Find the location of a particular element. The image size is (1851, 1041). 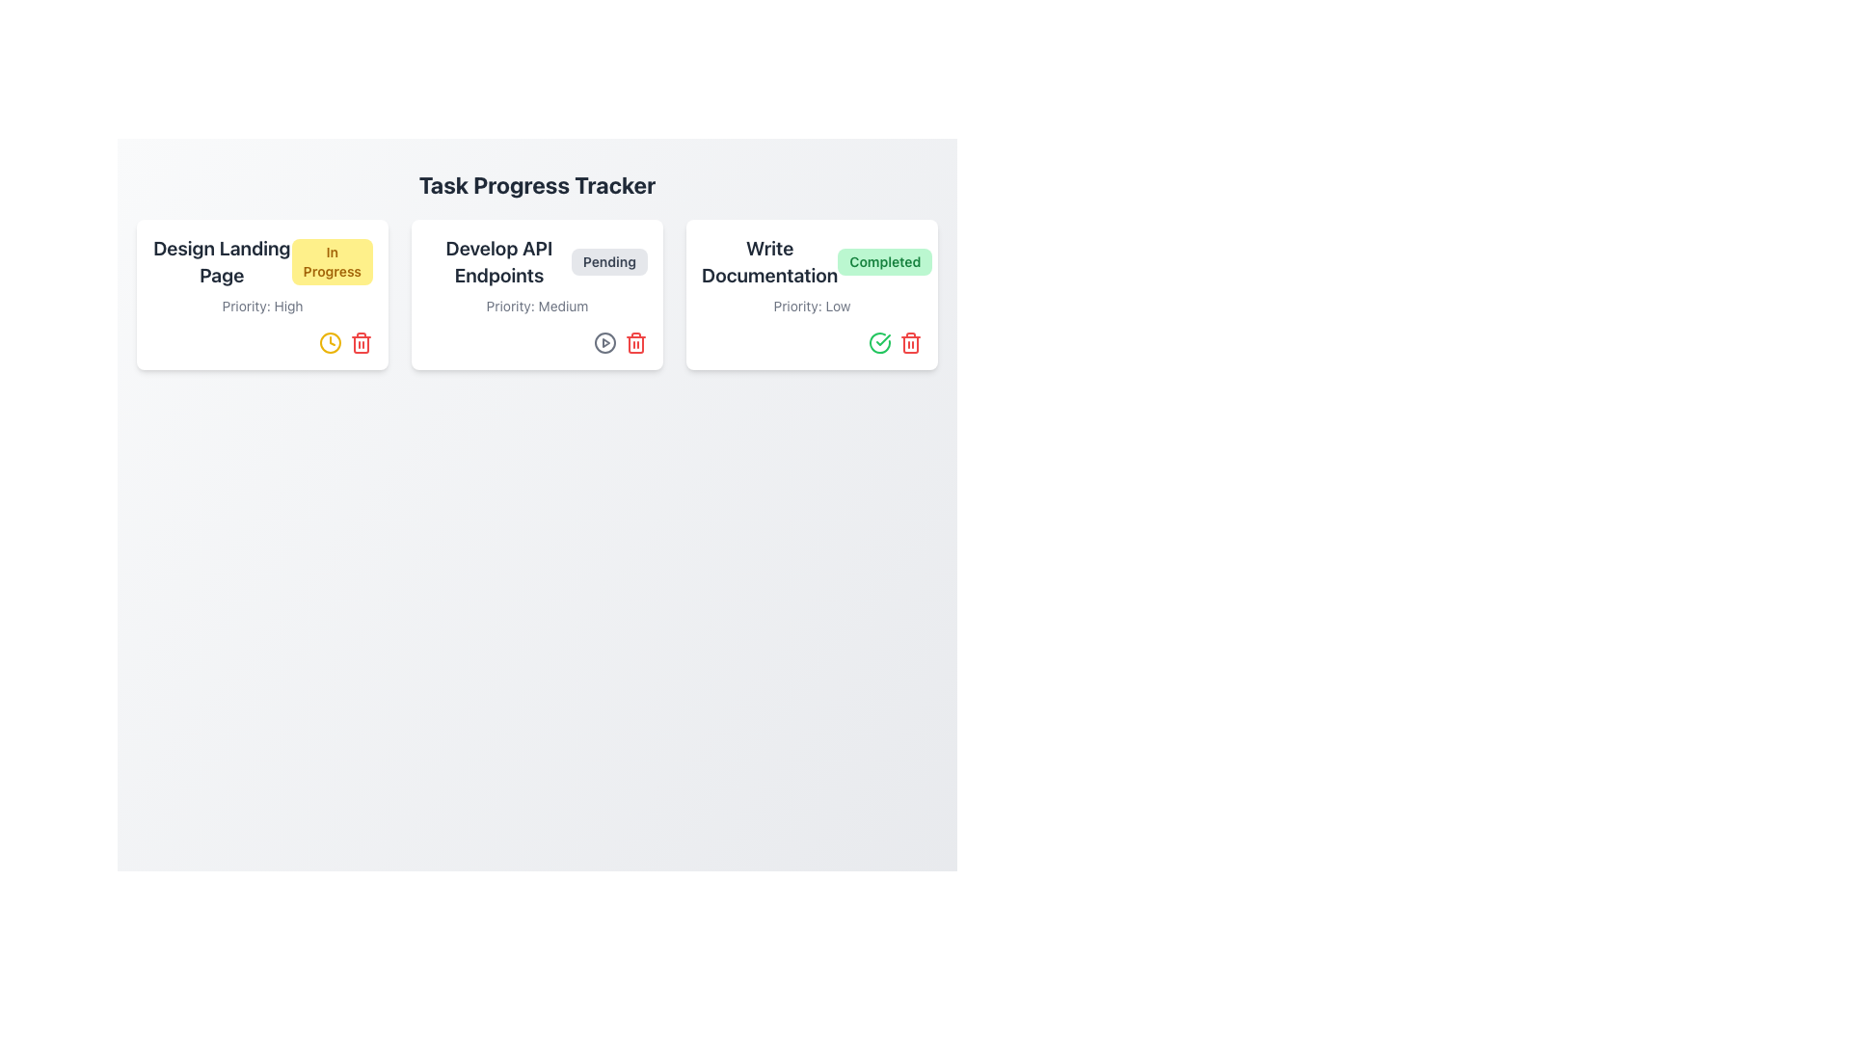

the 'Pending' status badge, which is a pill-shaped badge with a light gray background, located within the second card titled 'Develop API Endpoints.' is located at coordinates (608, 262).